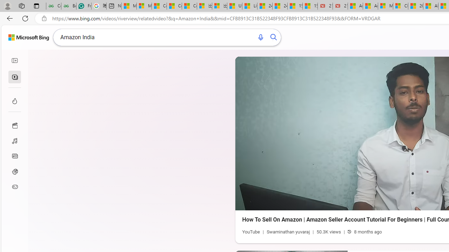 Image resolution: width=449 pixels, height=252 pixels. Describe the element at coordinates (28, 37) in the screenshot. I see `'Back to Bing search'` at that location.